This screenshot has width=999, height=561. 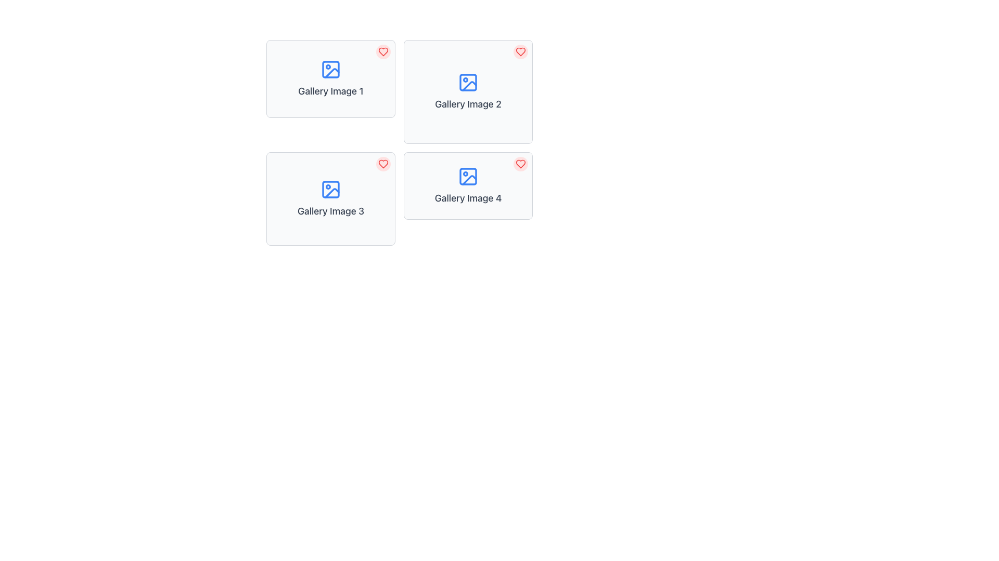 I want to click on the heart icon button located in the top-right corner of the card labeled 'Gallery Image 1', so click(x=383, y=52).